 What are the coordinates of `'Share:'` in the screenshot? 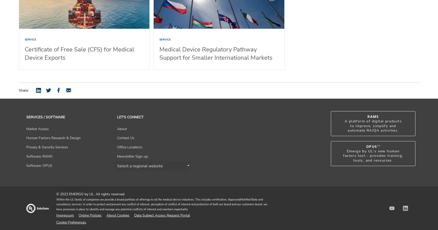 It's located at (24, 90).